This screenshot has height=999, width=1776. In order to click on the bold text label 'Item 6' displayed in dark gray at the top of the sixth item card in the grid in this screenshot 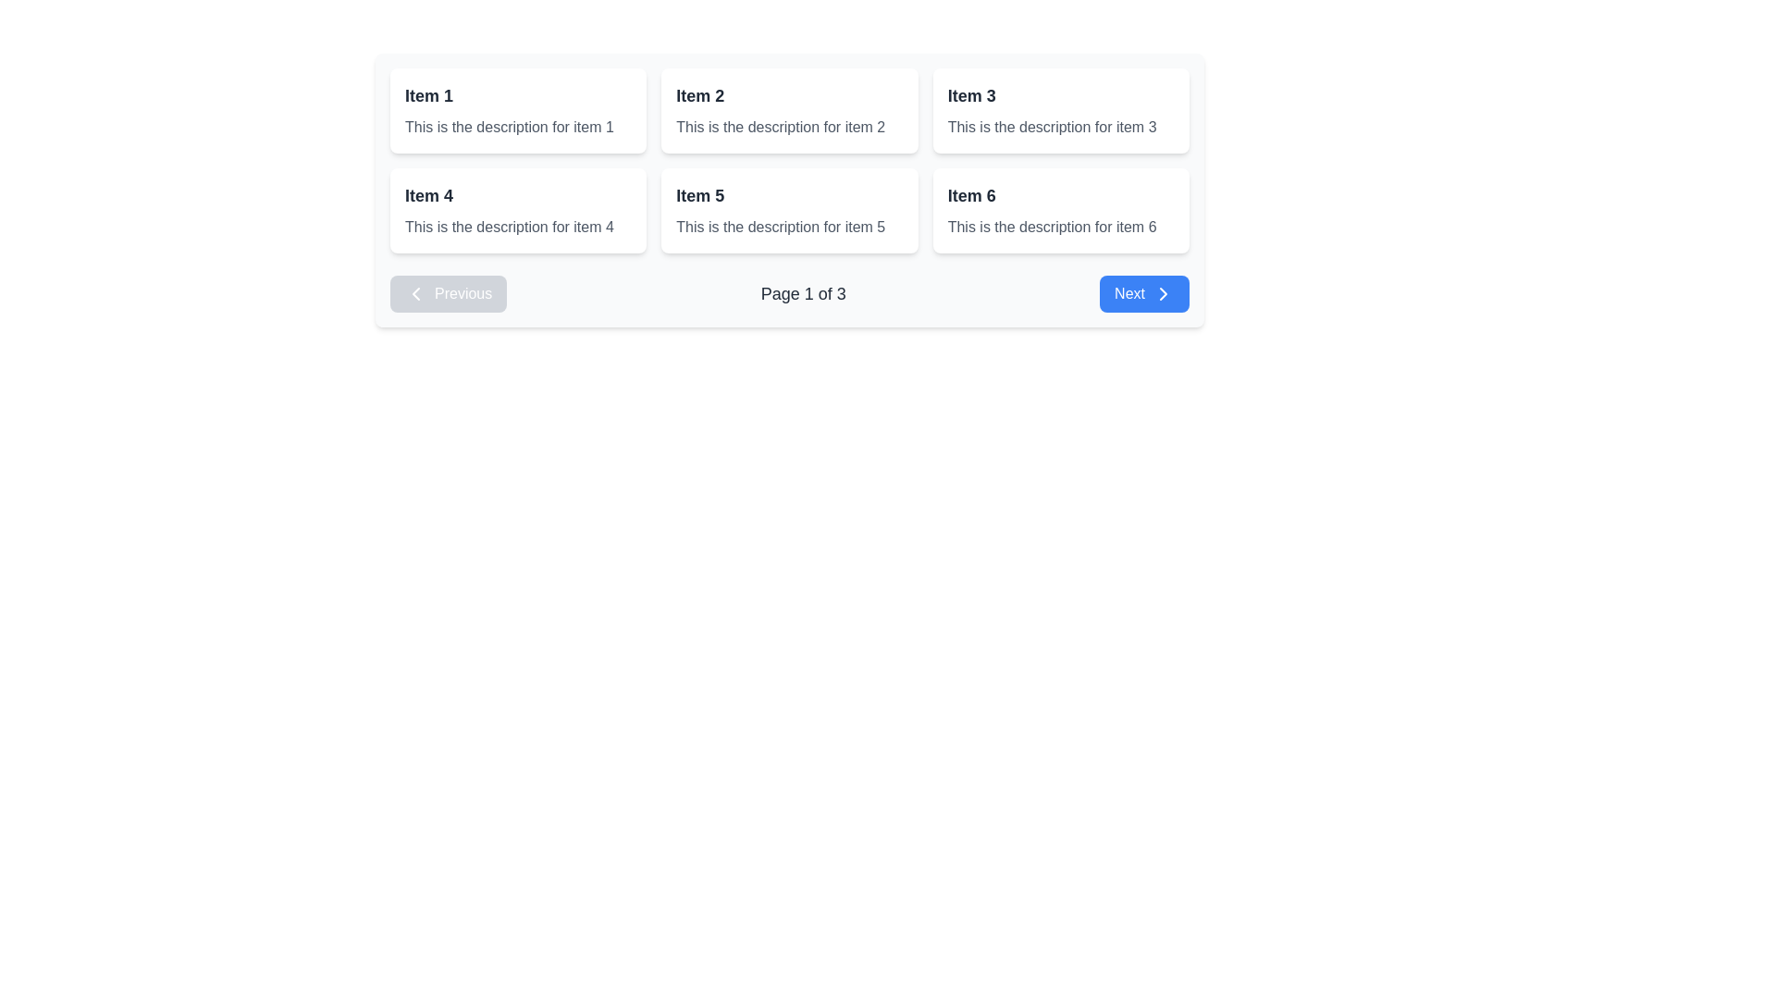, I will do `click(970, 196)`.